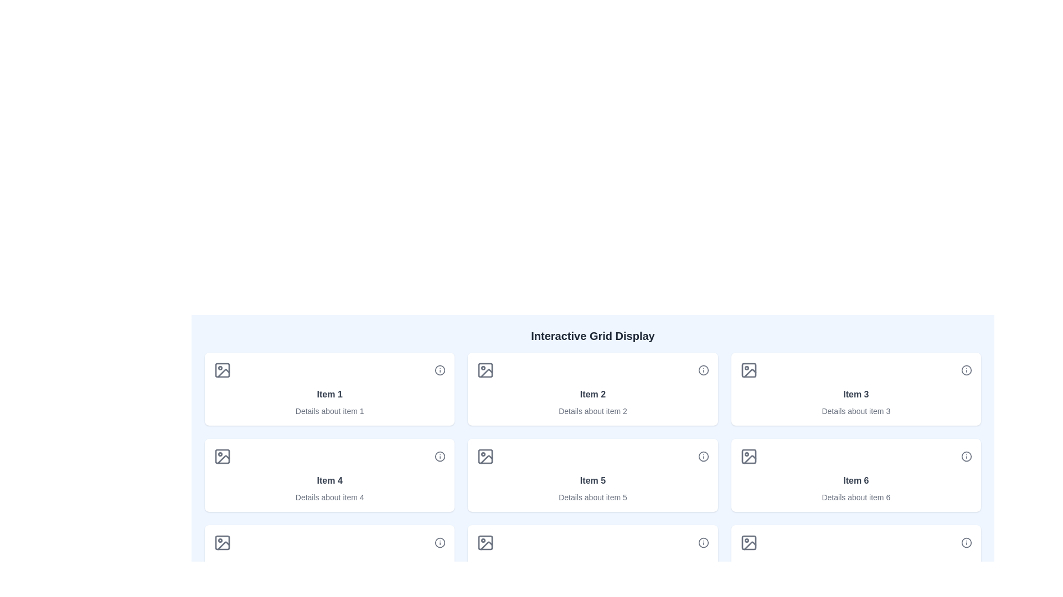 This screenshot has height=597, width=1063. What do you see at coordinates (486, 370) in the screenshot?
I see `the icon element that is part of a composite symbol, representing image or gallery functionality, located in the second card of the top row` at bounding box center [486, 370].